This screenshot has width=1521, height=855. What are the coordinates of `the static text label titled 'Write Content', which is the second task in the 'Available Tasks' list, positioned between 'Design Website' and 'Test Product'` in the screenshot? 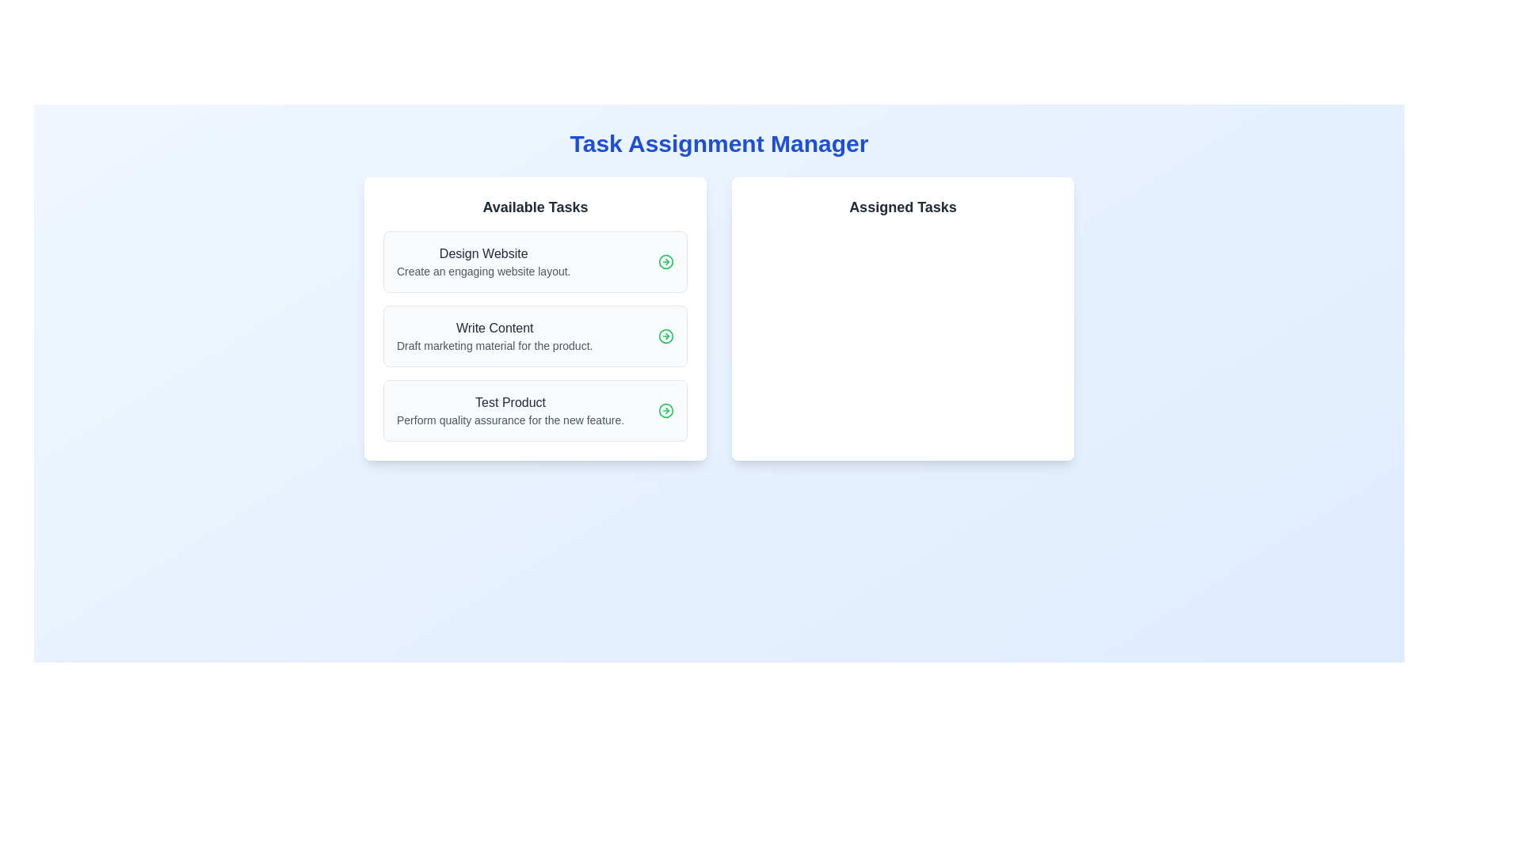 It's located at (494, 328).